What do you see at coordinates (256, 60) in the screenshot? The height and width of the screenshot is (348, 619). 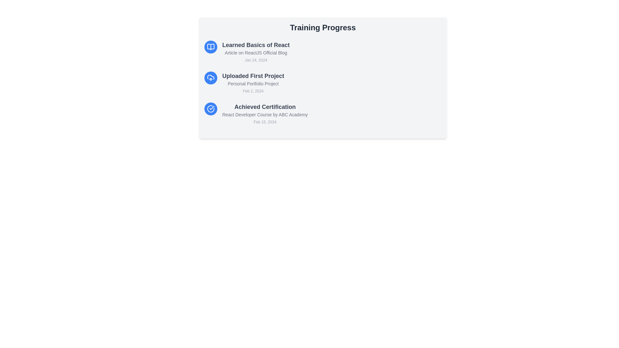 I see `the text label displaying the date 'Jan 24, 2024', which is styled with a smaller font size and gray color, located beneath the 'Article on ReactJS Official Blog' and 'Learned Basics of React' in the 'Training Progress' section` at bounding box center [256, 60].